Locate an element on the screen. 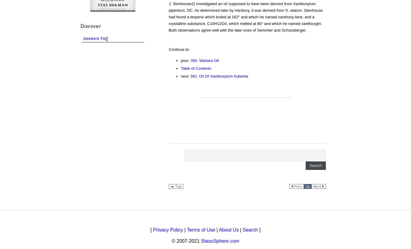 This screenshot has width=411, height=249. '[' is located at coordinates (151, 229).